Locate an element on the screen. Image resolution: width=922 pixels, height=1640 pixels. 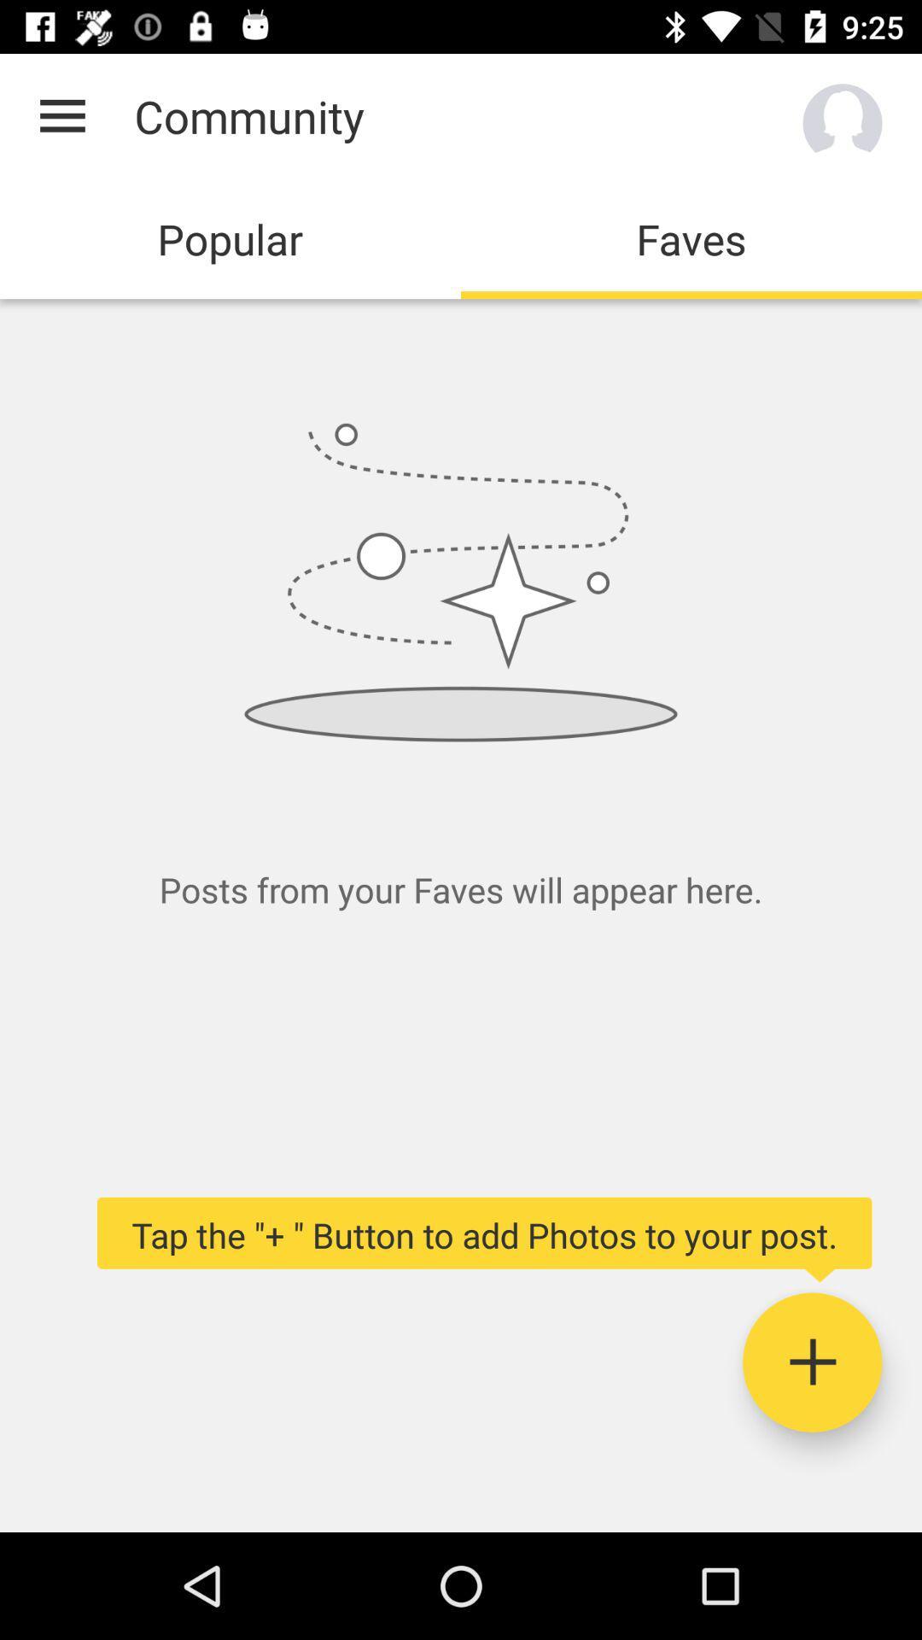
photos is located at coordinates (811, 1362).